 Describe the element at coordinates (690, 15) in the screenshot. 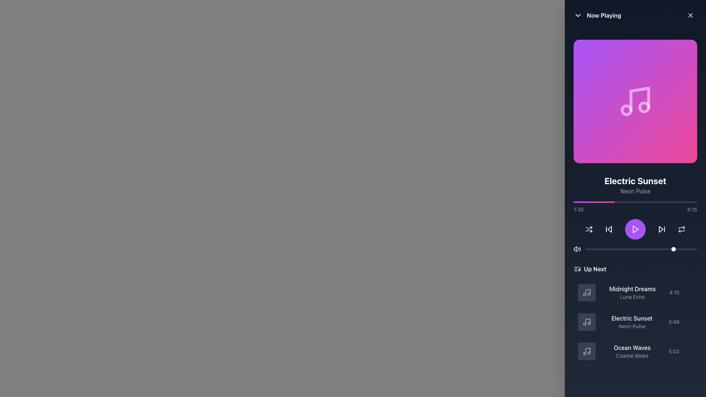

I see `the close button located at the top-right corner of the 'Now Playing' interface` at that location.